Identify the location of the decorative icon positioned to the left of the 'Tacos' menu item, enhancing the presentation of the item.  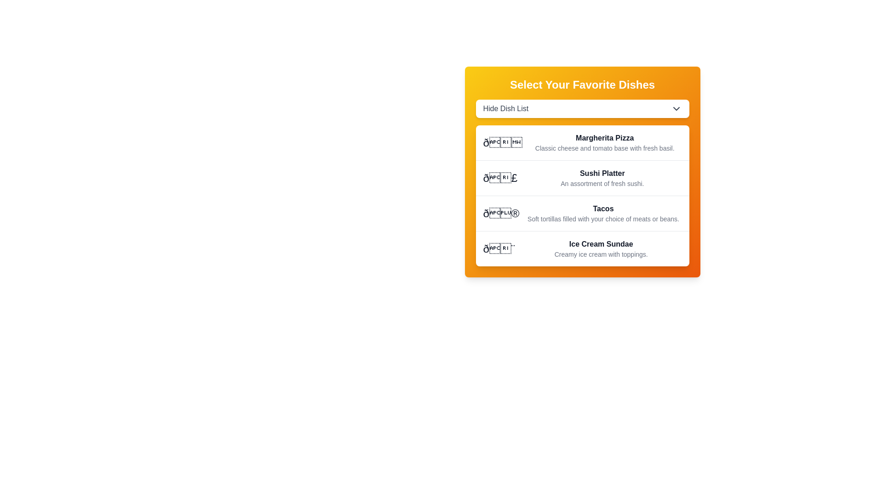
(500, 214).